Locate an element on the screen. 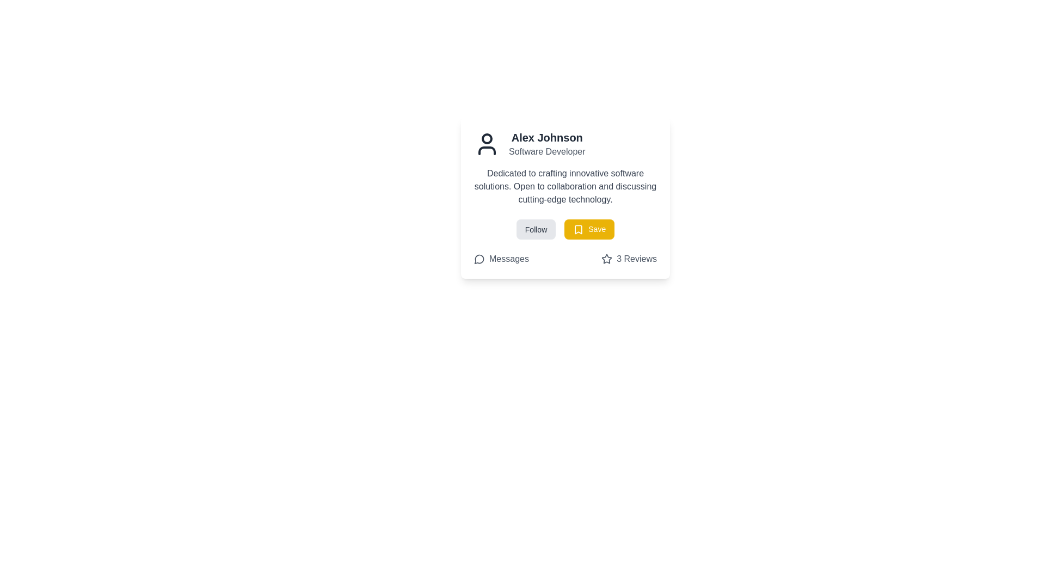 Image resolution: width=1045 pixels, height=588 pixels. the star icon with a dark outline and hollow center, located adjacent to the 'Reviews' label in the bottom-right corner of the card layout is located at coordinates (606, 259).